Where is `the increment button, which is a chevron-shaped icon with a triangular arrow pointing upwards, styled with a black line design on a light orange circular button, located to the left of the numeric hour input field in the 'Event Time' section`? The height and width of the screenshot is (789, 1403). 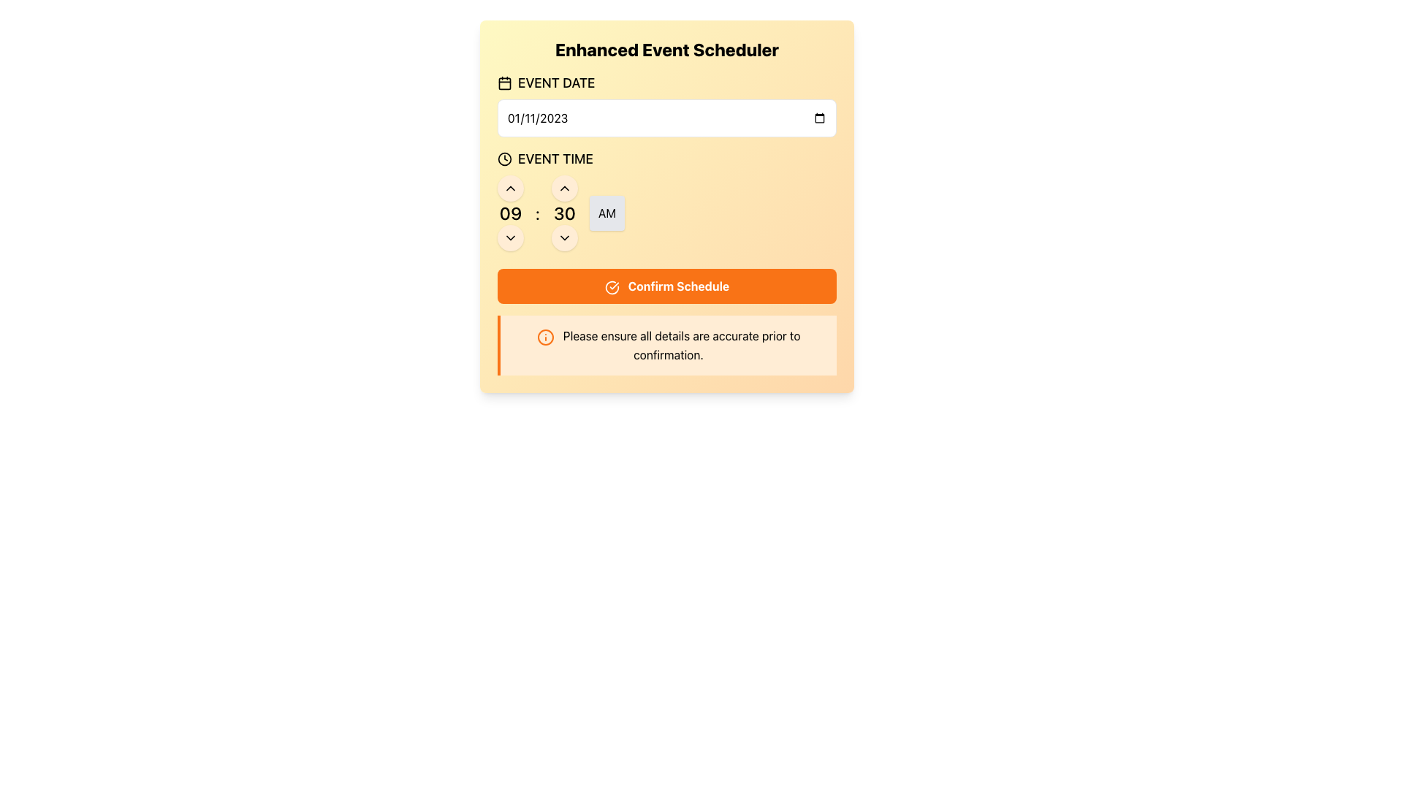
the increment button, which is a chevron-shaped icon with a triangular arrow pointing upwards, styled with a black line design on a light orange circular button, located to the left of the numeric hour input field in the 'Event Time' section is located at coordinates (563, 188).